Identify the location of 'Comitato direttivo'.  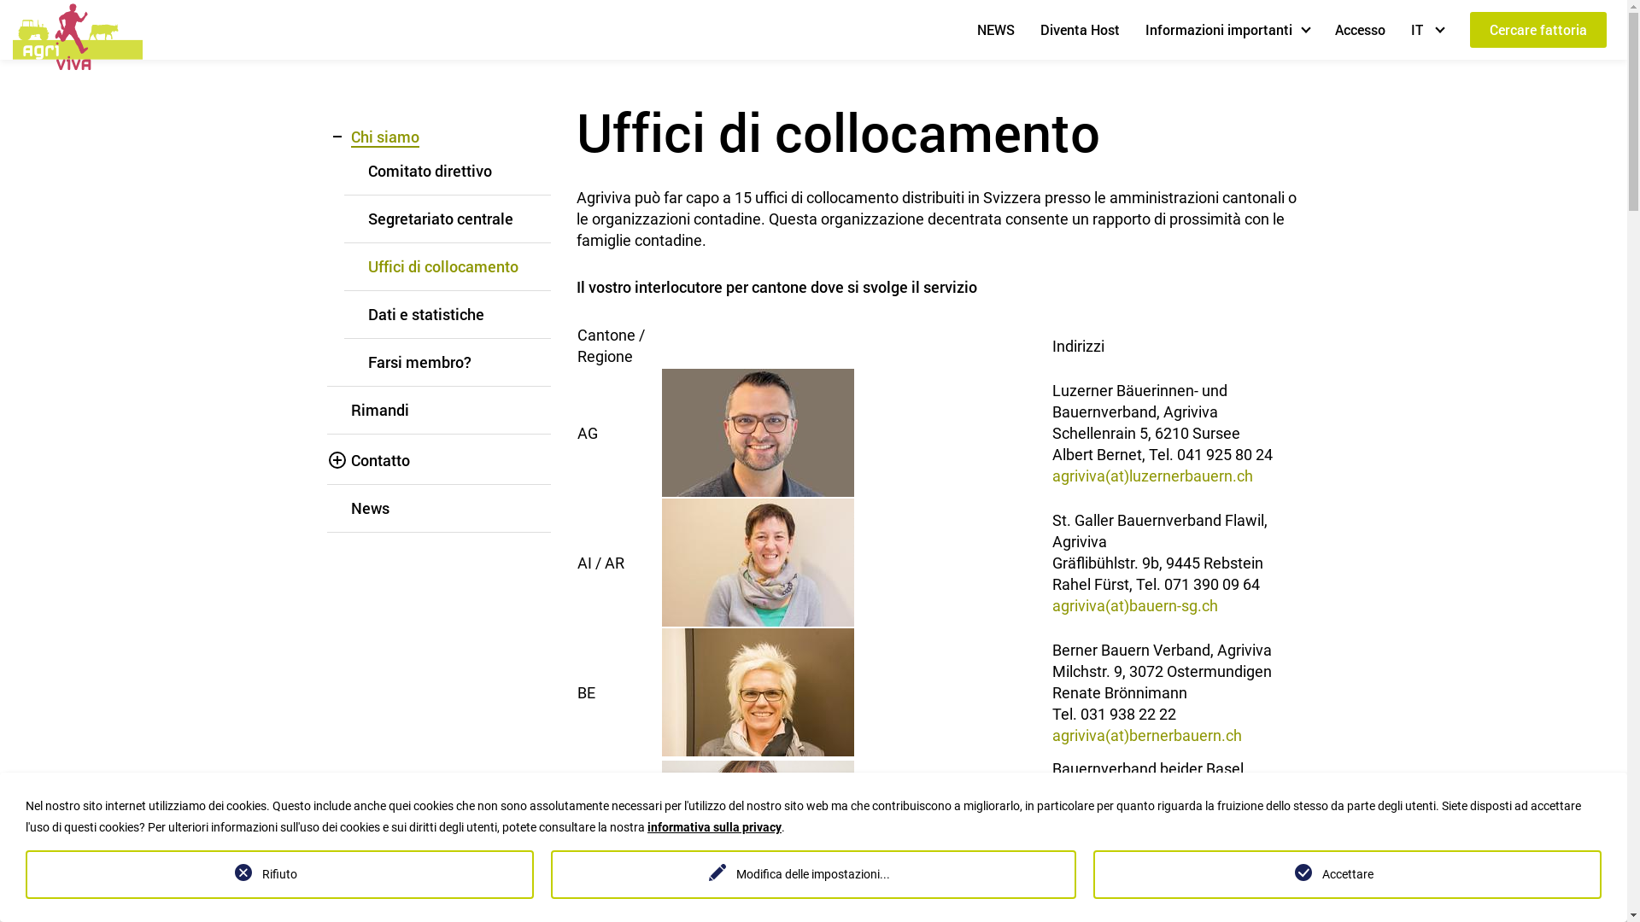
(366, 171).